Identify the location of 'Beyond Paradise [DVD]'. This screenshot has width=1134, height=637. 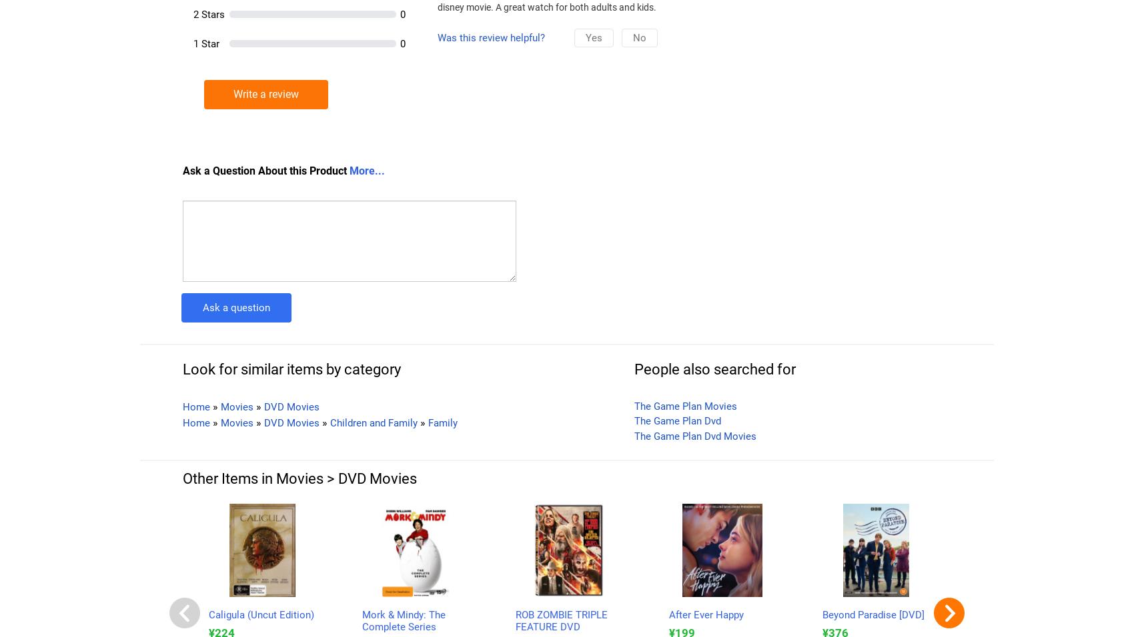
(873, 615).